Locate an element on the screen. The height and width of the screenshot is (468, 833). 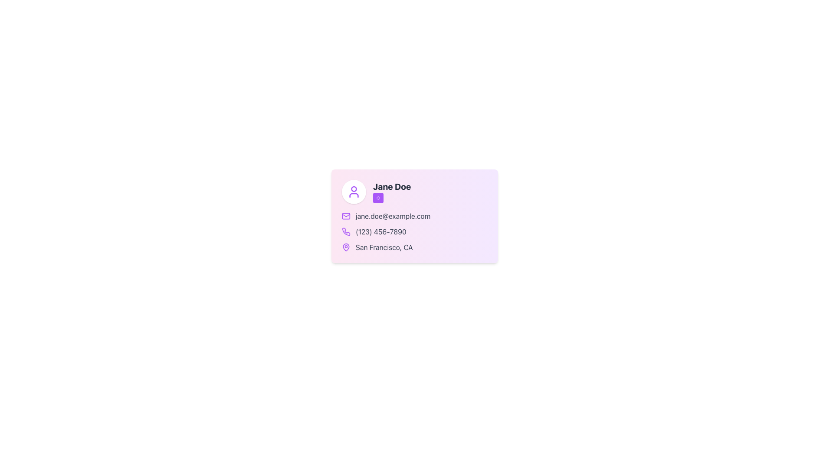
the curved line vector graphical element that represents the lower portion of the user icon's torso, located above the name 'Jane Doe' in the card is located at coordinates (354, 195).